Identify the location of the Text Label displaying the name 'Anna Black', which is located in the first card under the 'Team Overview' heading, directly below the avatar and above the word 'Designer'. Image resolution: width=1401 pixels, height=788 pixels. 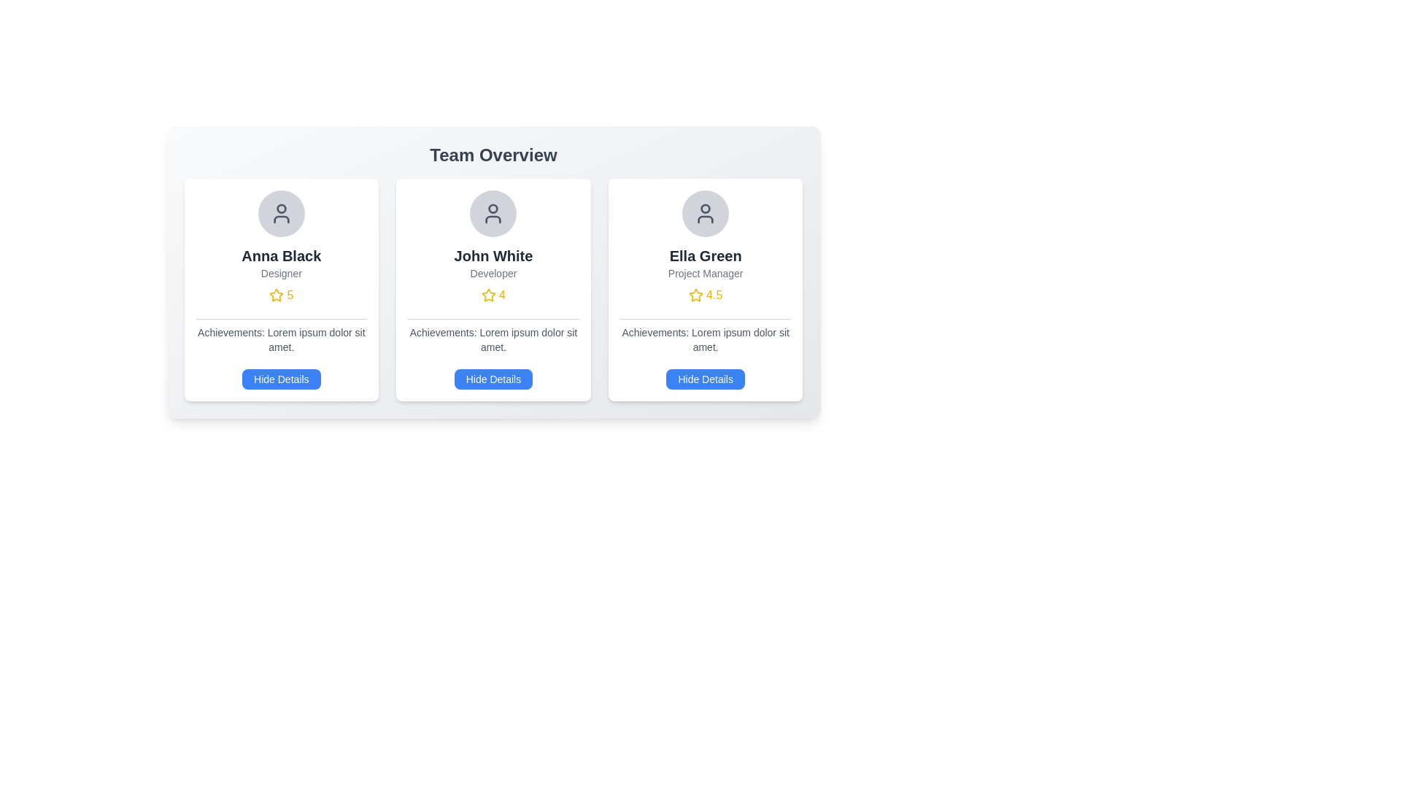
(281, 255).